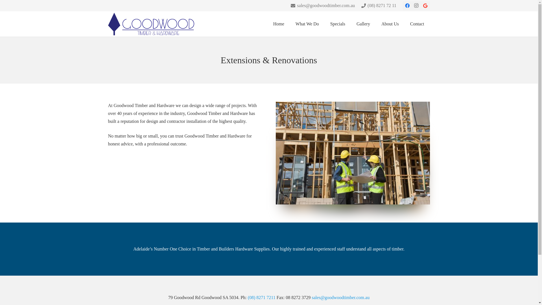 This screenshot has height=305, width=542. What do you see at coordinates (307, 23) in the screenshot?
I see `'What We Do'` at bounding box center [307, 23].